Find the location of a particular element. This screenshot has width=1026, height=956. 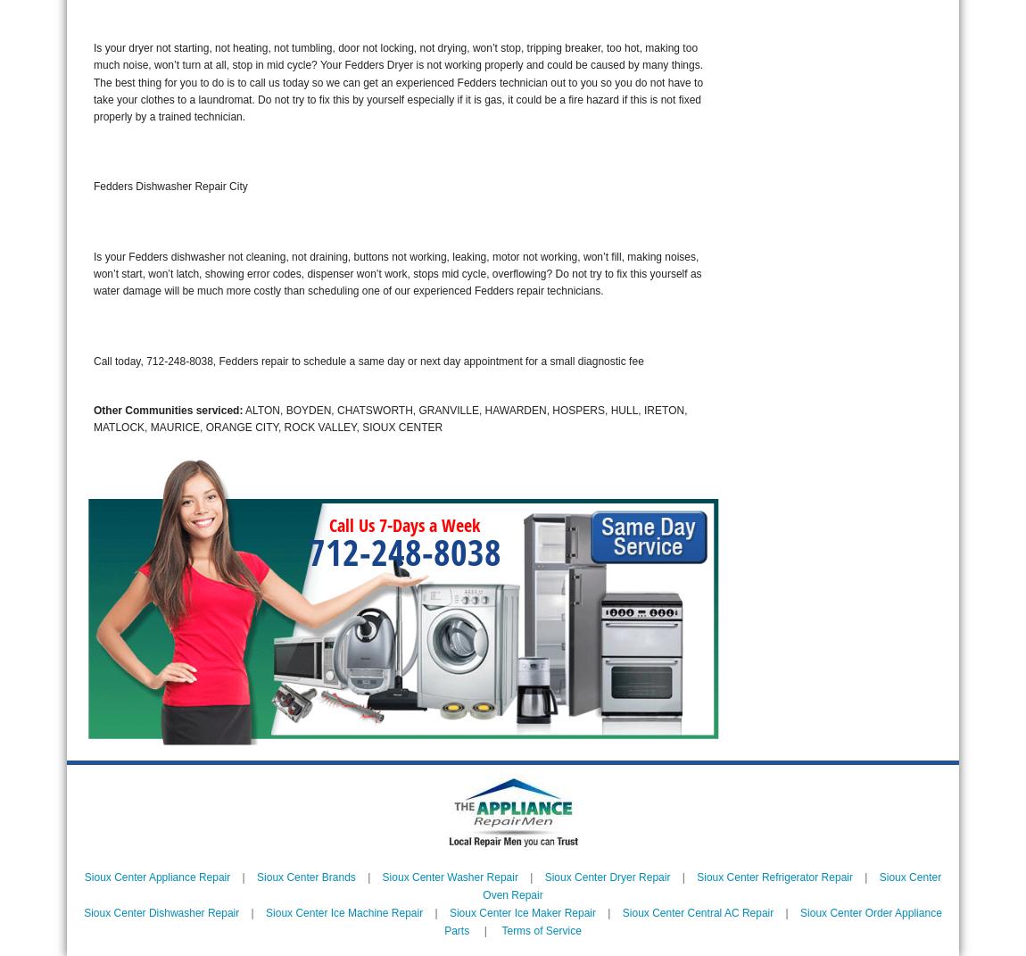

'Sioux Center Dishwasher Repair' is located at coordinates (82, 911).